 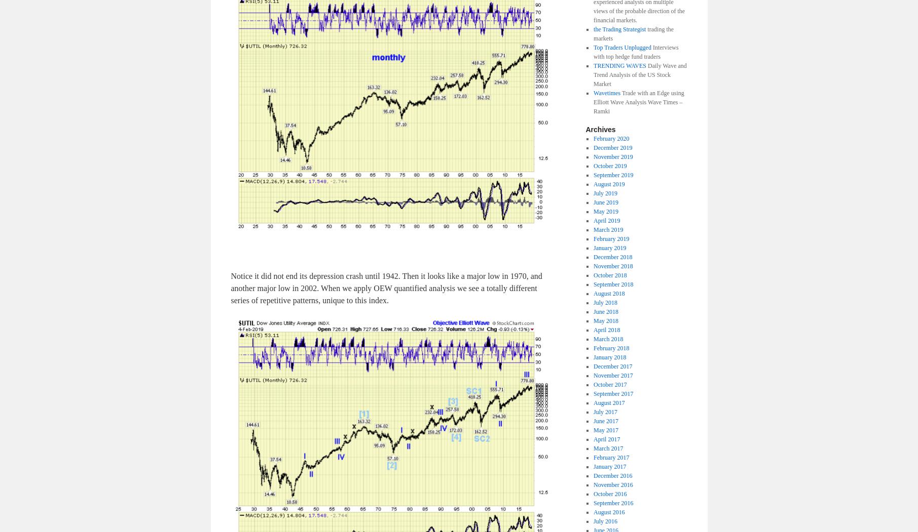 I want to click on 'September 2016', so click(x=593, y=502).